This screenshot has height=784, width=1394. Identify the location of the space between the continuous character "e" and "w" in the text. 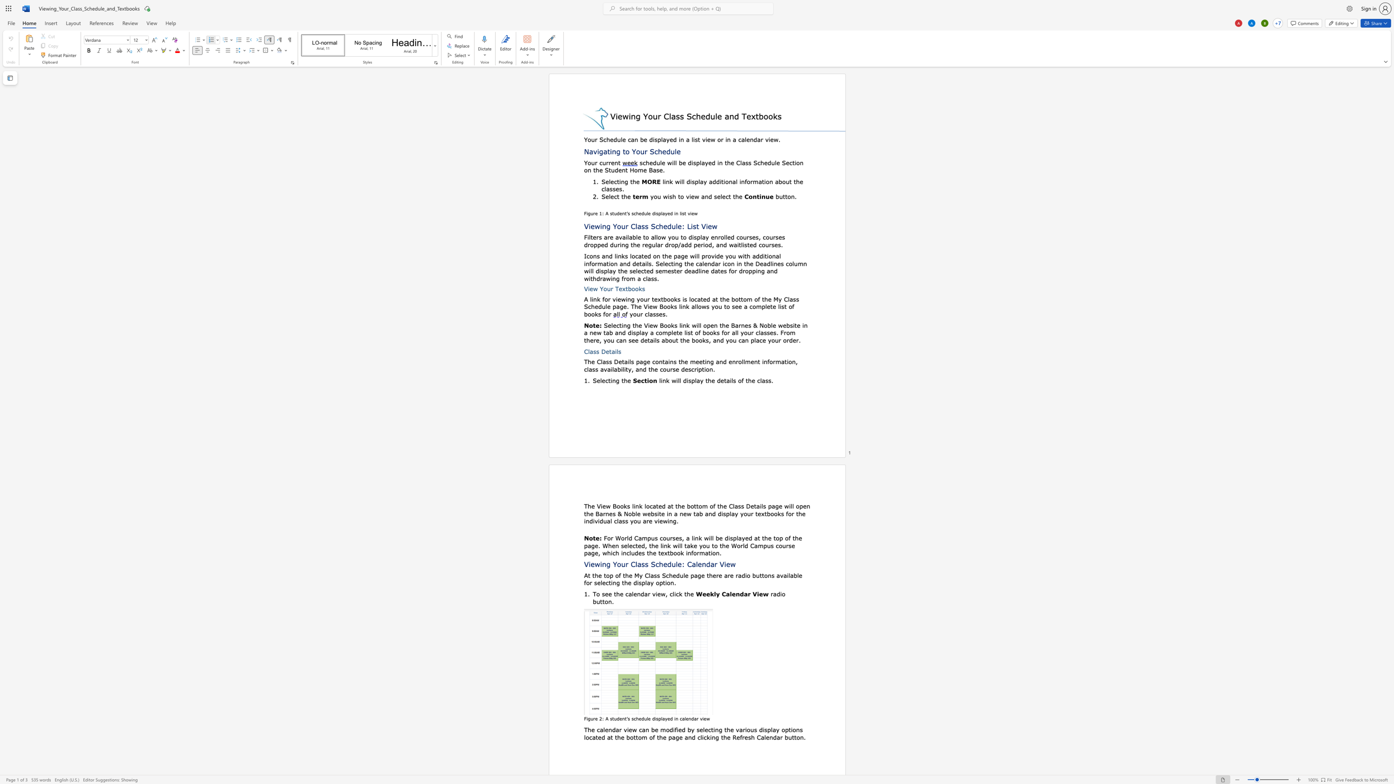
(606, 505).